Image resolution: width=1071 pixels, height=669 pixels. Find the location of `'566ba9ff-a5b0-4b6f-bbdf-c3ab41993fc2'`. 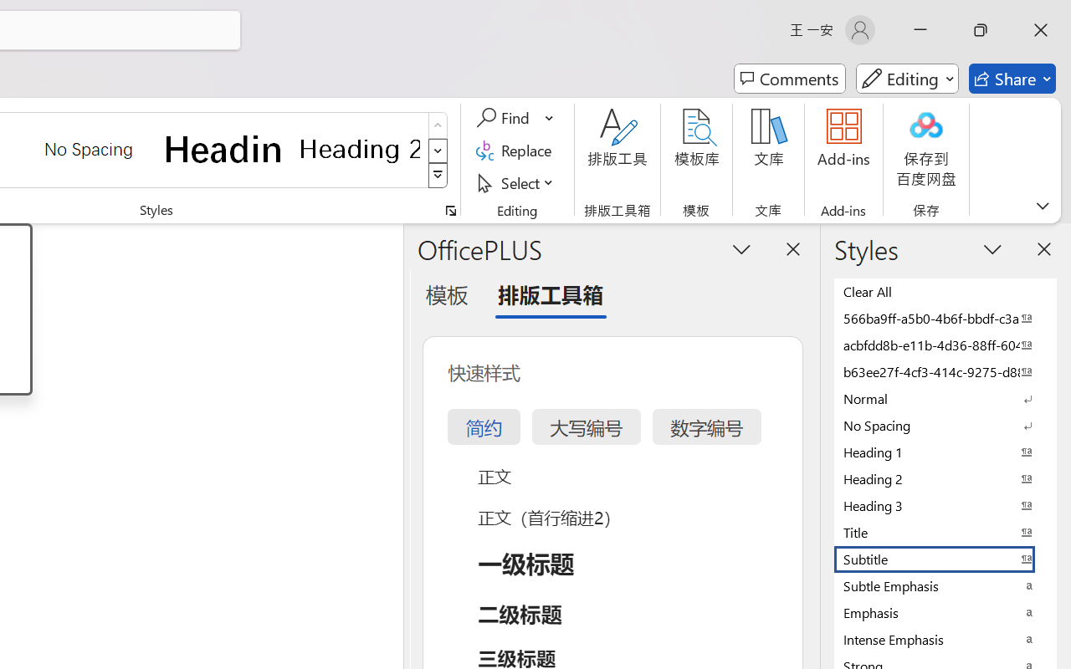

'566ba9ff-a5b0-4b6f-bbdf-c3ab41993fc2' is located at coordinates (945, 317).